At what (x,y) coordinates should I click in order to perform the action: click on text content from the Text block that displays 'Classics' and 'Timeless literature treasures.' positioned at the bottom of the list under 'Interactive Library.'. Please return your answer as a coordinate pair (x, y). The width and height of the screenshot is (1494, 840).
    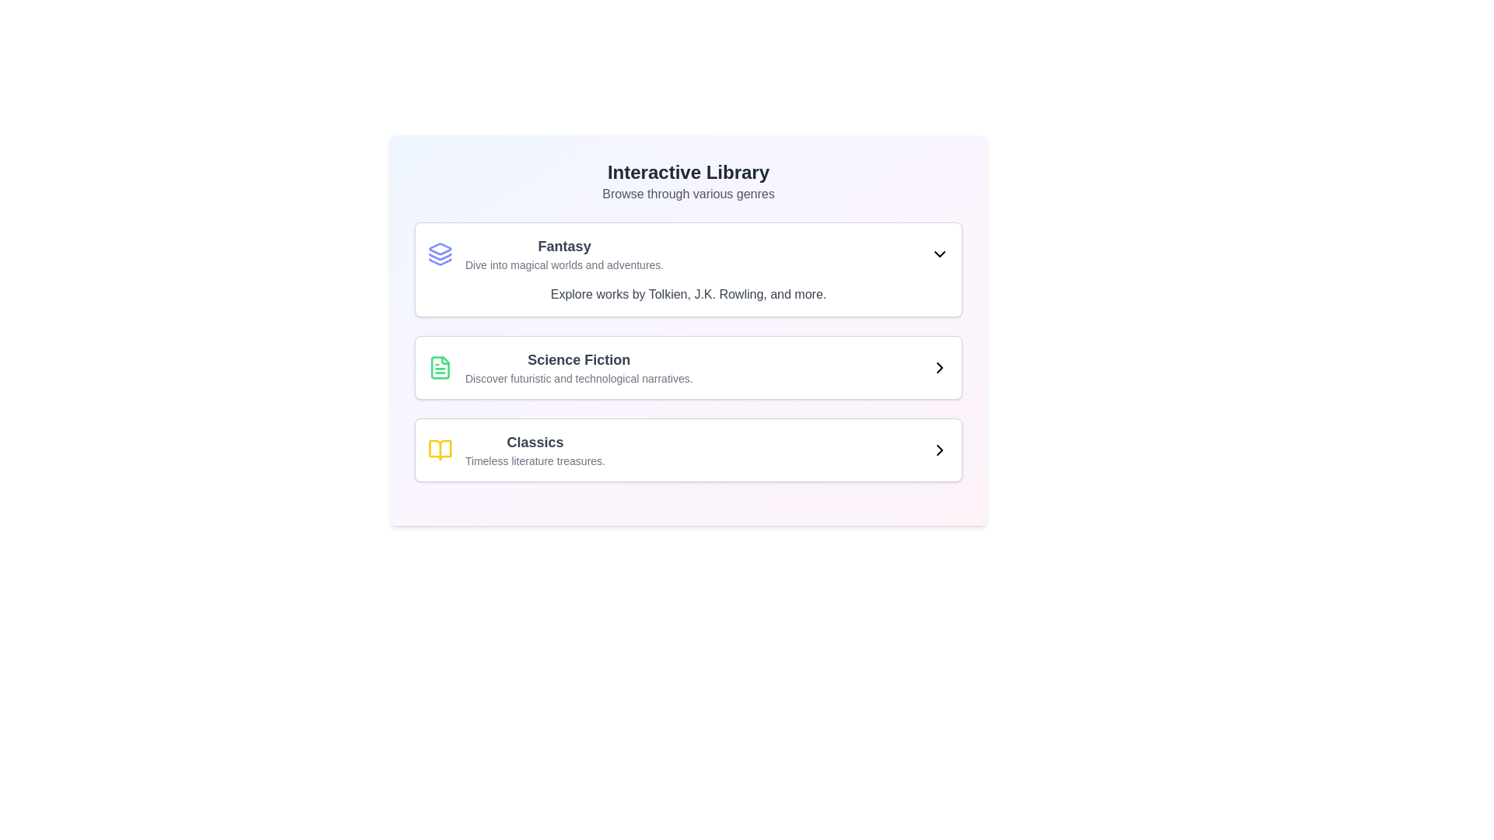
    Looking at the image, I should click on (535, 450).